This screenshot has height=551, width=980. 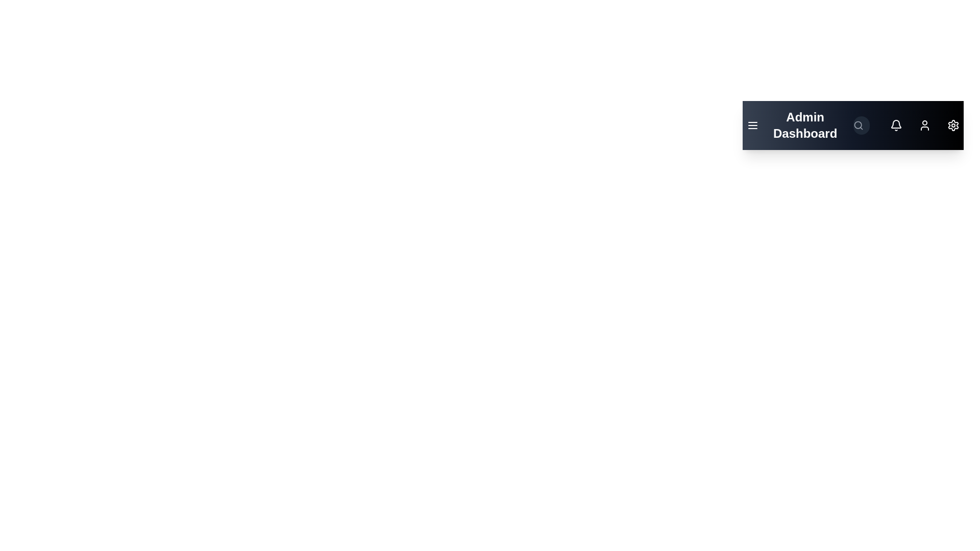 I want to click on the user profile icon, so click(x=925, y=125).